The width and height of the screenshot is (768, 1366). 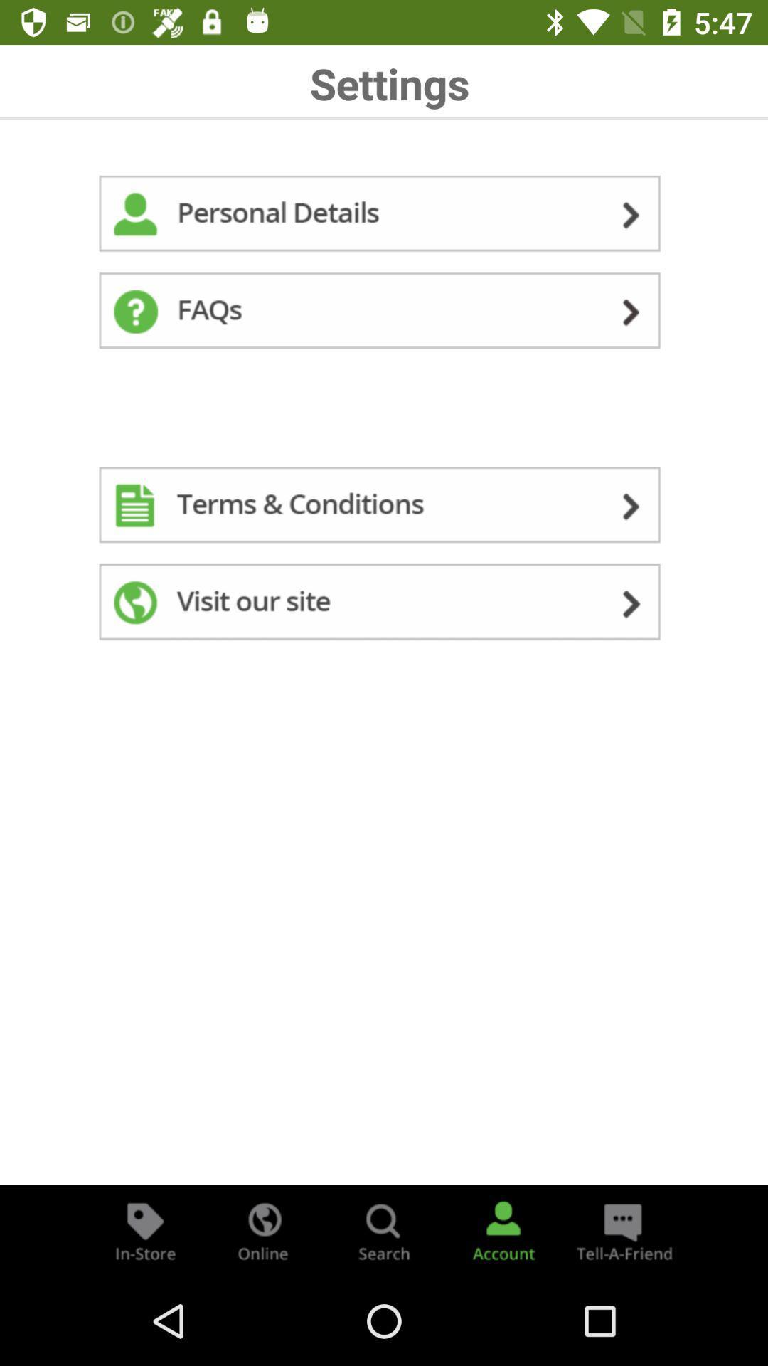 I want to click on online store purchases, so click(x=264, y=1229).